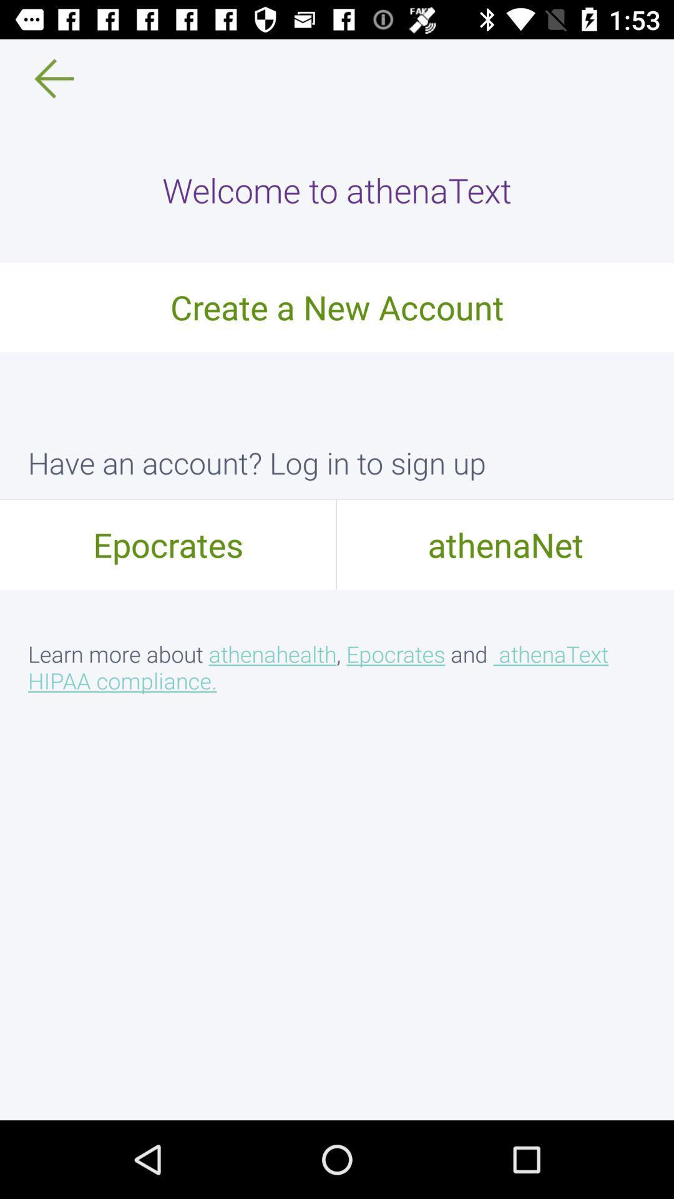 Image resolution: width=674 pixels, height=1199 pixels. Describe the element at coordinates (506, 544) in the screenshot. I see `icon below the have an account item` at that location.